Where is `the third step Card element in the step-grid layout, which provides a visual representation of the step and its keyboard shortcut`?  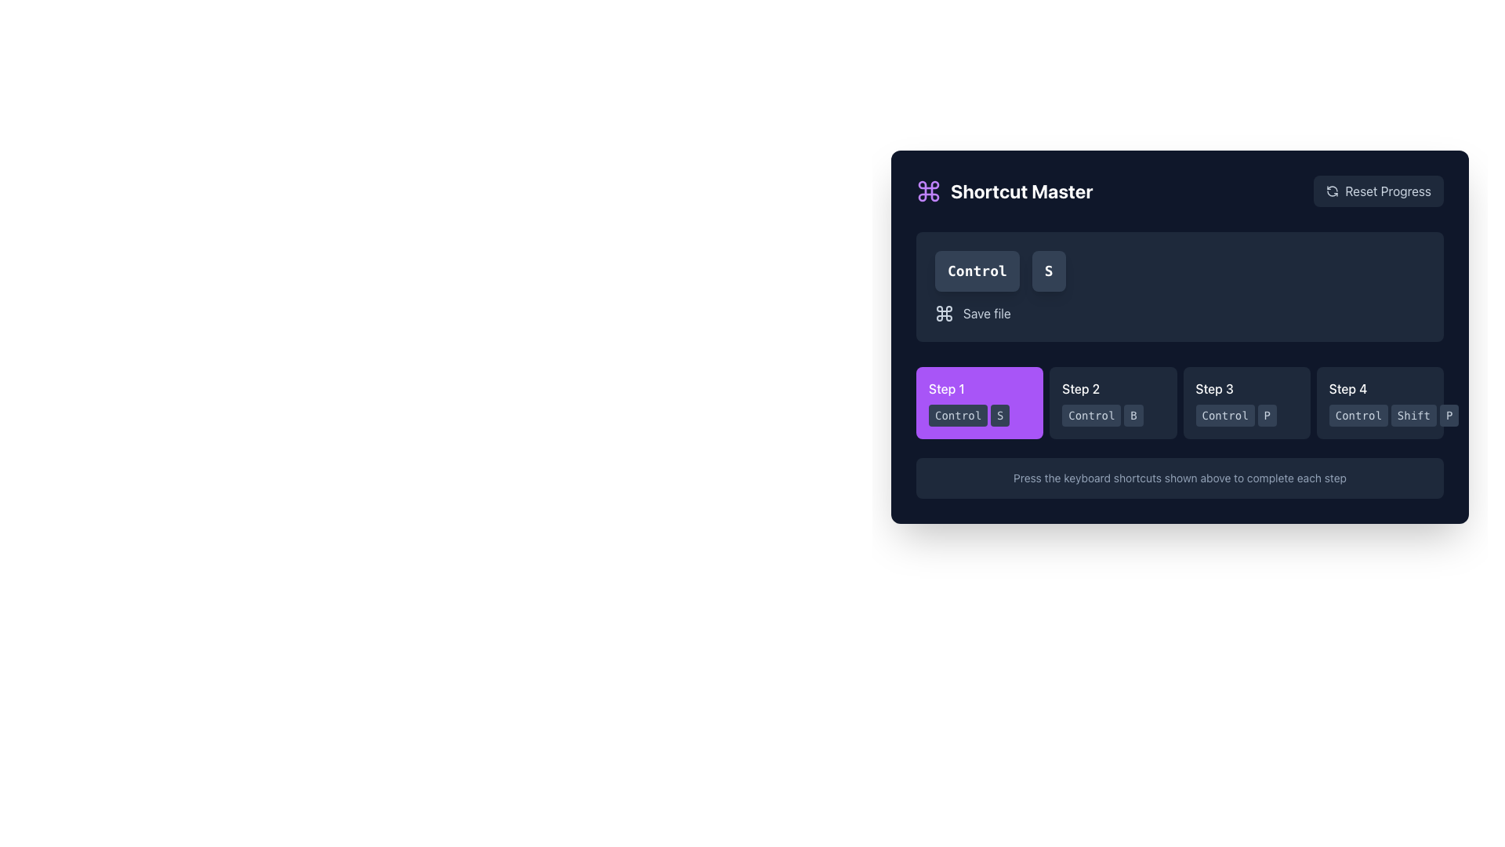 the third step Card element in the step-grid layout, which provides a visual representation of the step and its keyboard shortcut is located at coordinates (1246, 402).